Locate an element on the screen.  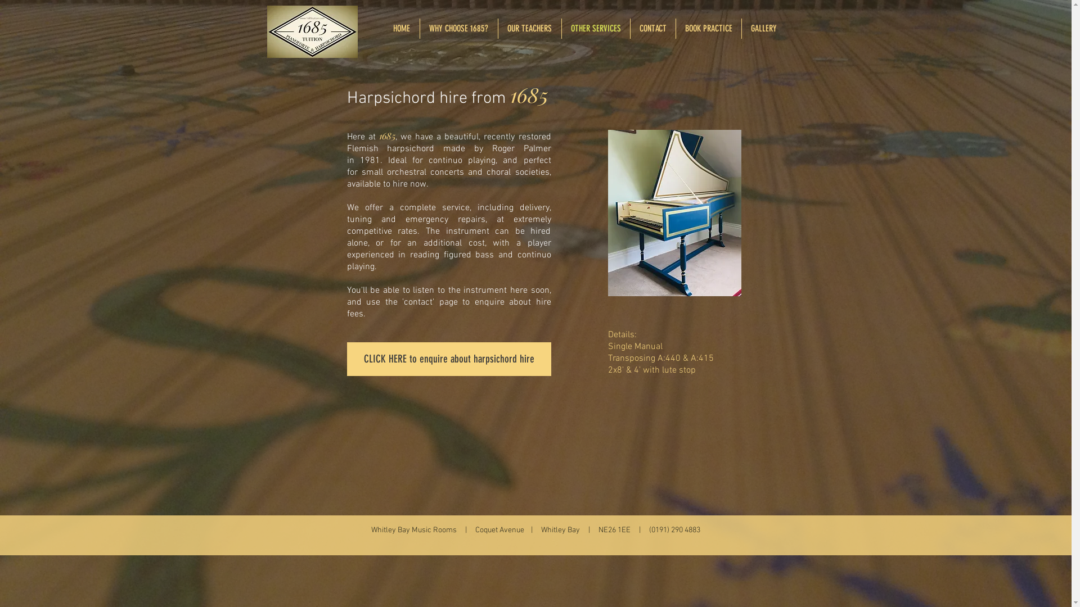
'HOME' is located at coordinates (383, 28).